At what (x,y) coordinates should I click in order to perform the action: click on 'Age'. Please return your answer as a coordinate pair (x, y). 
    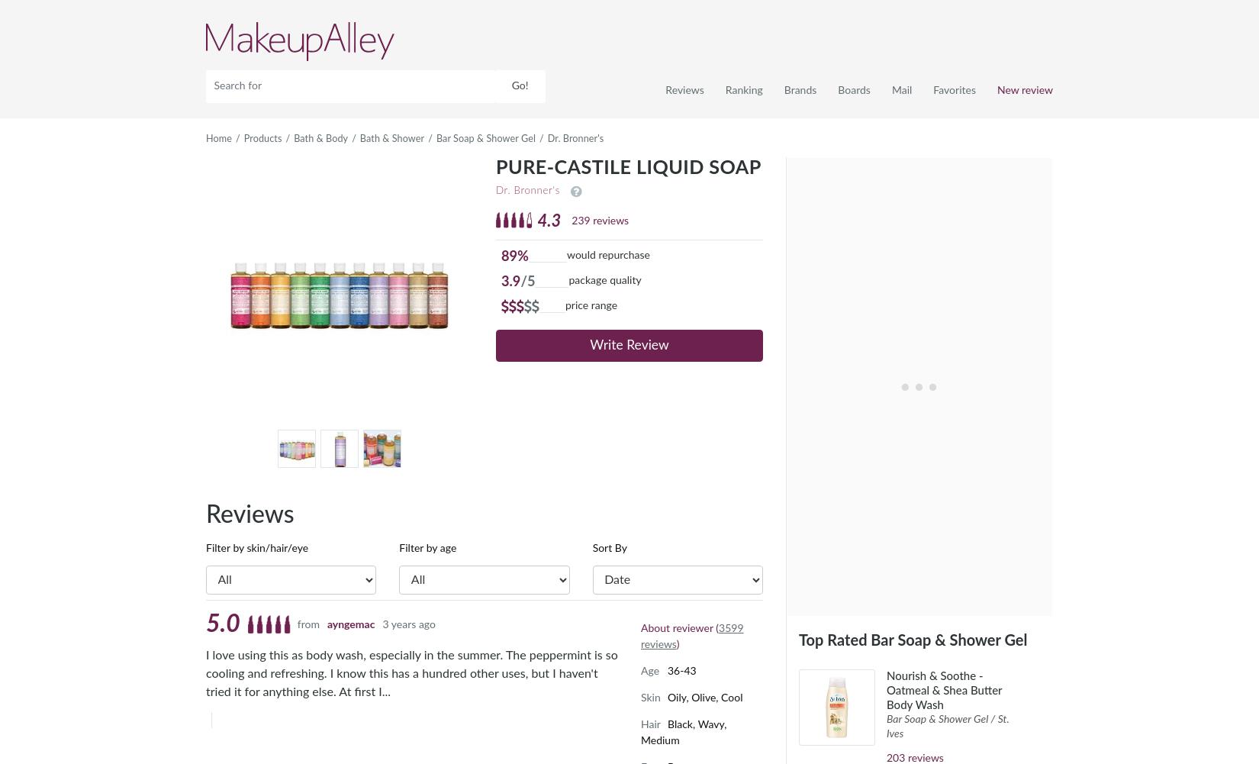
    Looking at the image, I should click on (650, 670).